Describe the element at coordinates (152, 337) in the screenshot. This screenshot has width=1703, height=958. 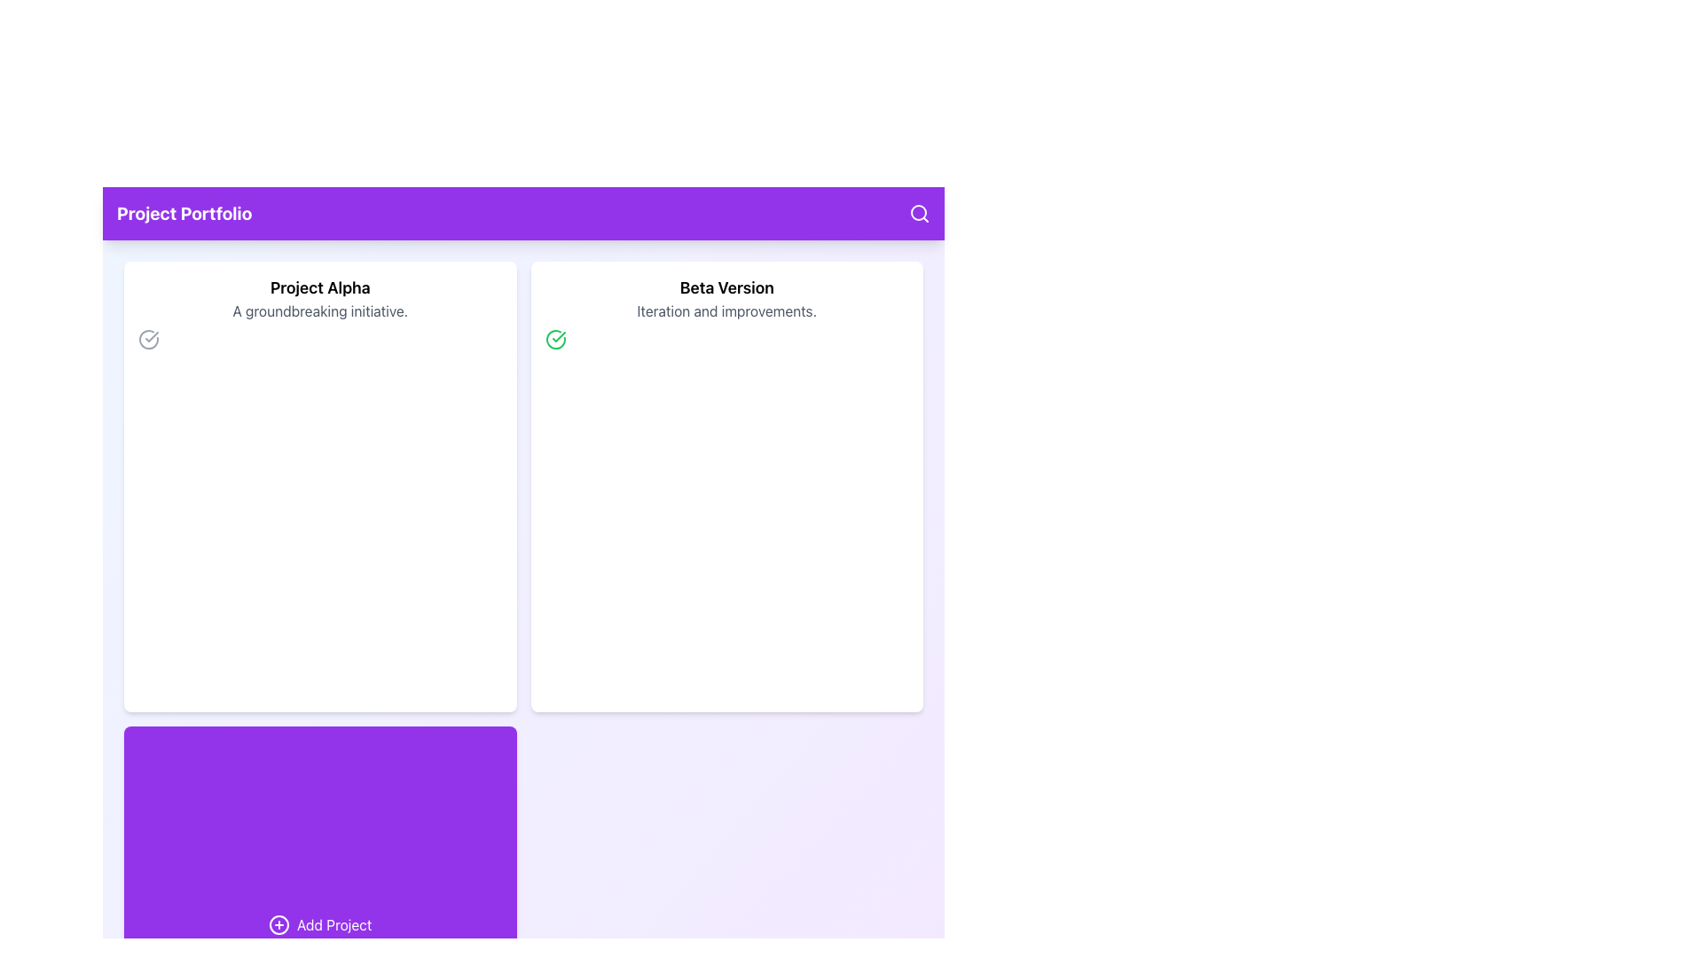
I see `the status indicator icon located in the upper left portion of the 'Project Alpha' panel, which represents the completion or status of the associated project or task` at that location.